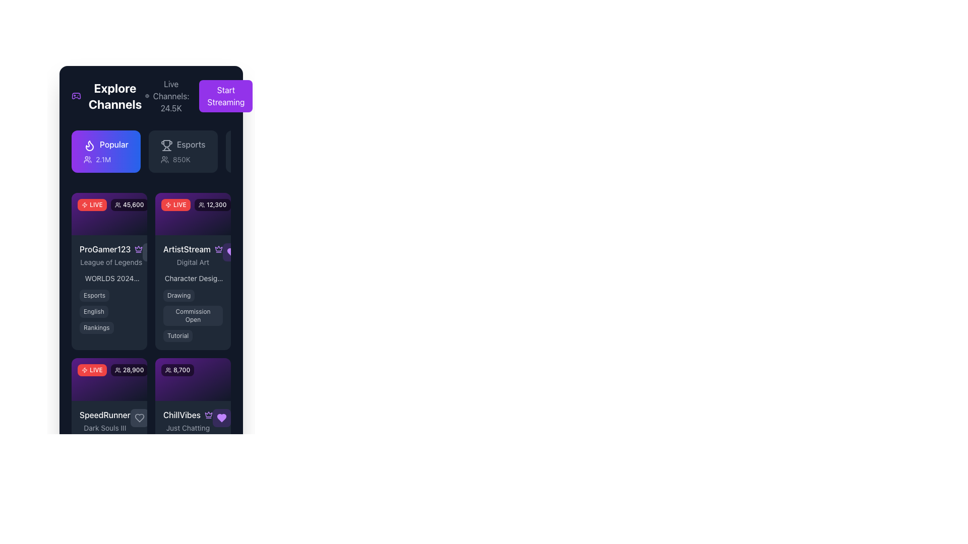  What do you see at coordinates (181, 415) in the screenshot?
I see `the text label displaying 'ChillVibes' in white font, which is positioned in the bottom section of the interface, aligned to the left of a small crown icon within the fourth card` at bounding box center [181, 415].